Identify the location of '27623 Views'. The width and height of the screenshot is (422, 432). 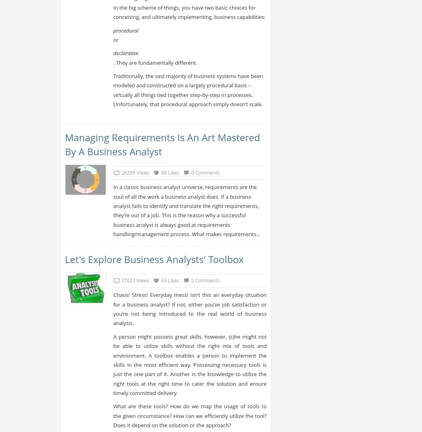
(135, 280).